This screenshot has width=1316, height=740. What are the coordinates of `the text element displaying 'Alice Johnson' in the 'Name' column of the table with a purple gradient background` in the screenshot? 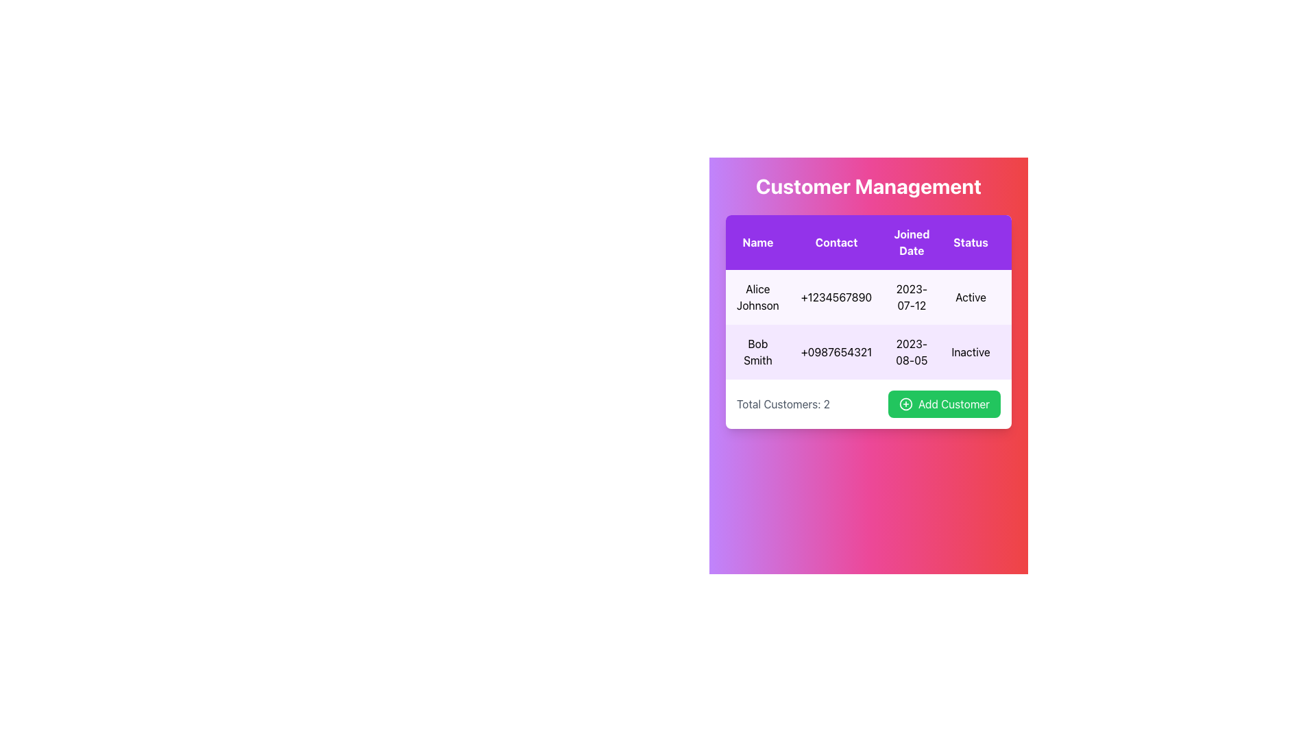 It's located at (757, 297).